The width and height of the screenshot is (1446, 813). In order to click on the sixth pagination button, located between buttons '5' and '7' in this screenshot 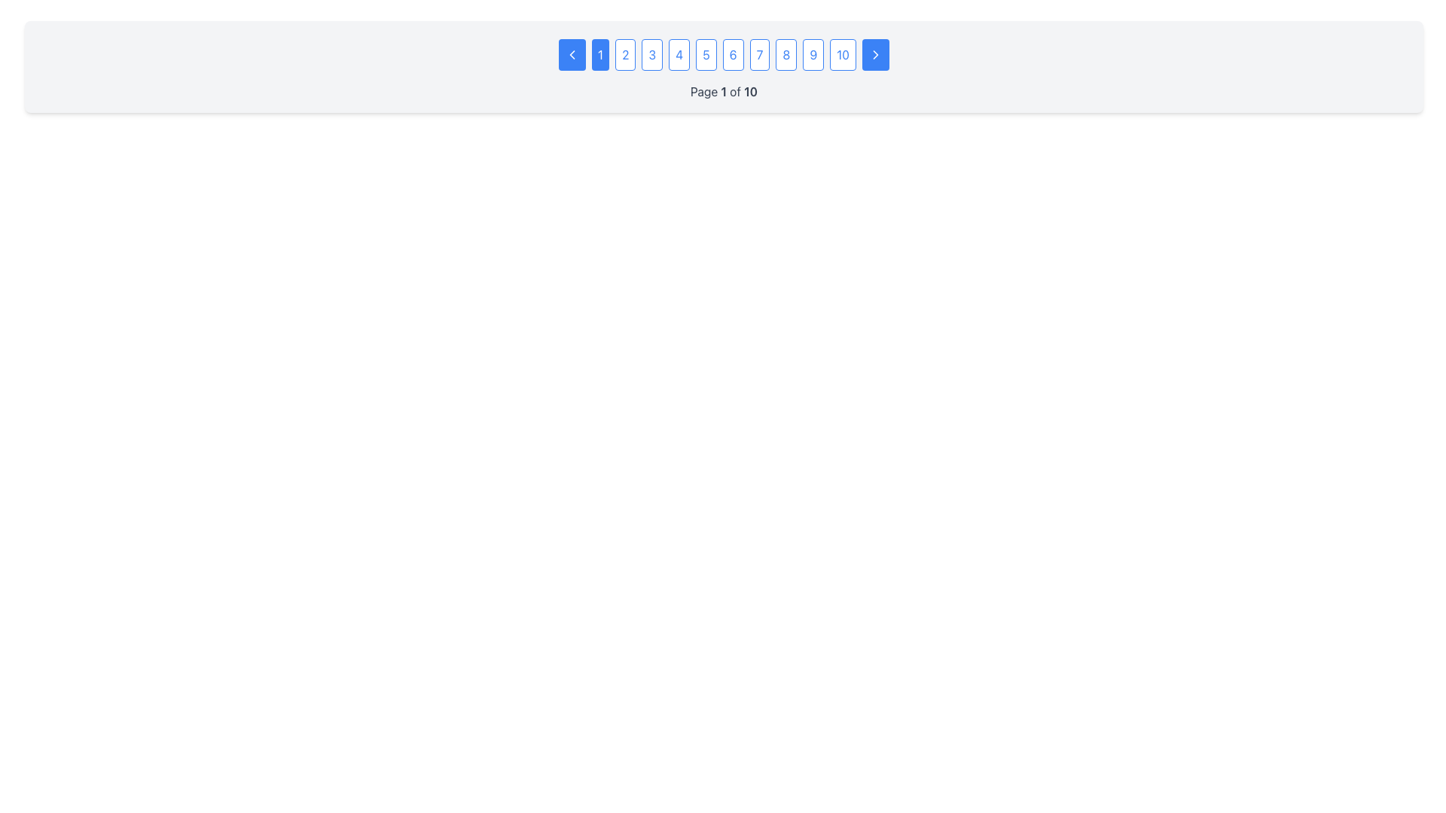, I will do `click(724, 54)`.